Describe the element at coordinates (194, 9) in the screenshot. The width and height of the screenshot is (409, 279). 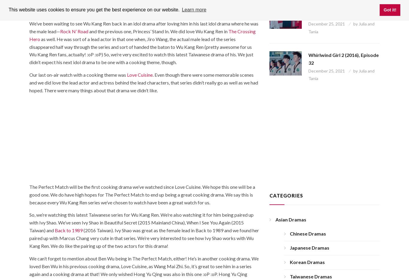
I see `'Learn more'` at that location.